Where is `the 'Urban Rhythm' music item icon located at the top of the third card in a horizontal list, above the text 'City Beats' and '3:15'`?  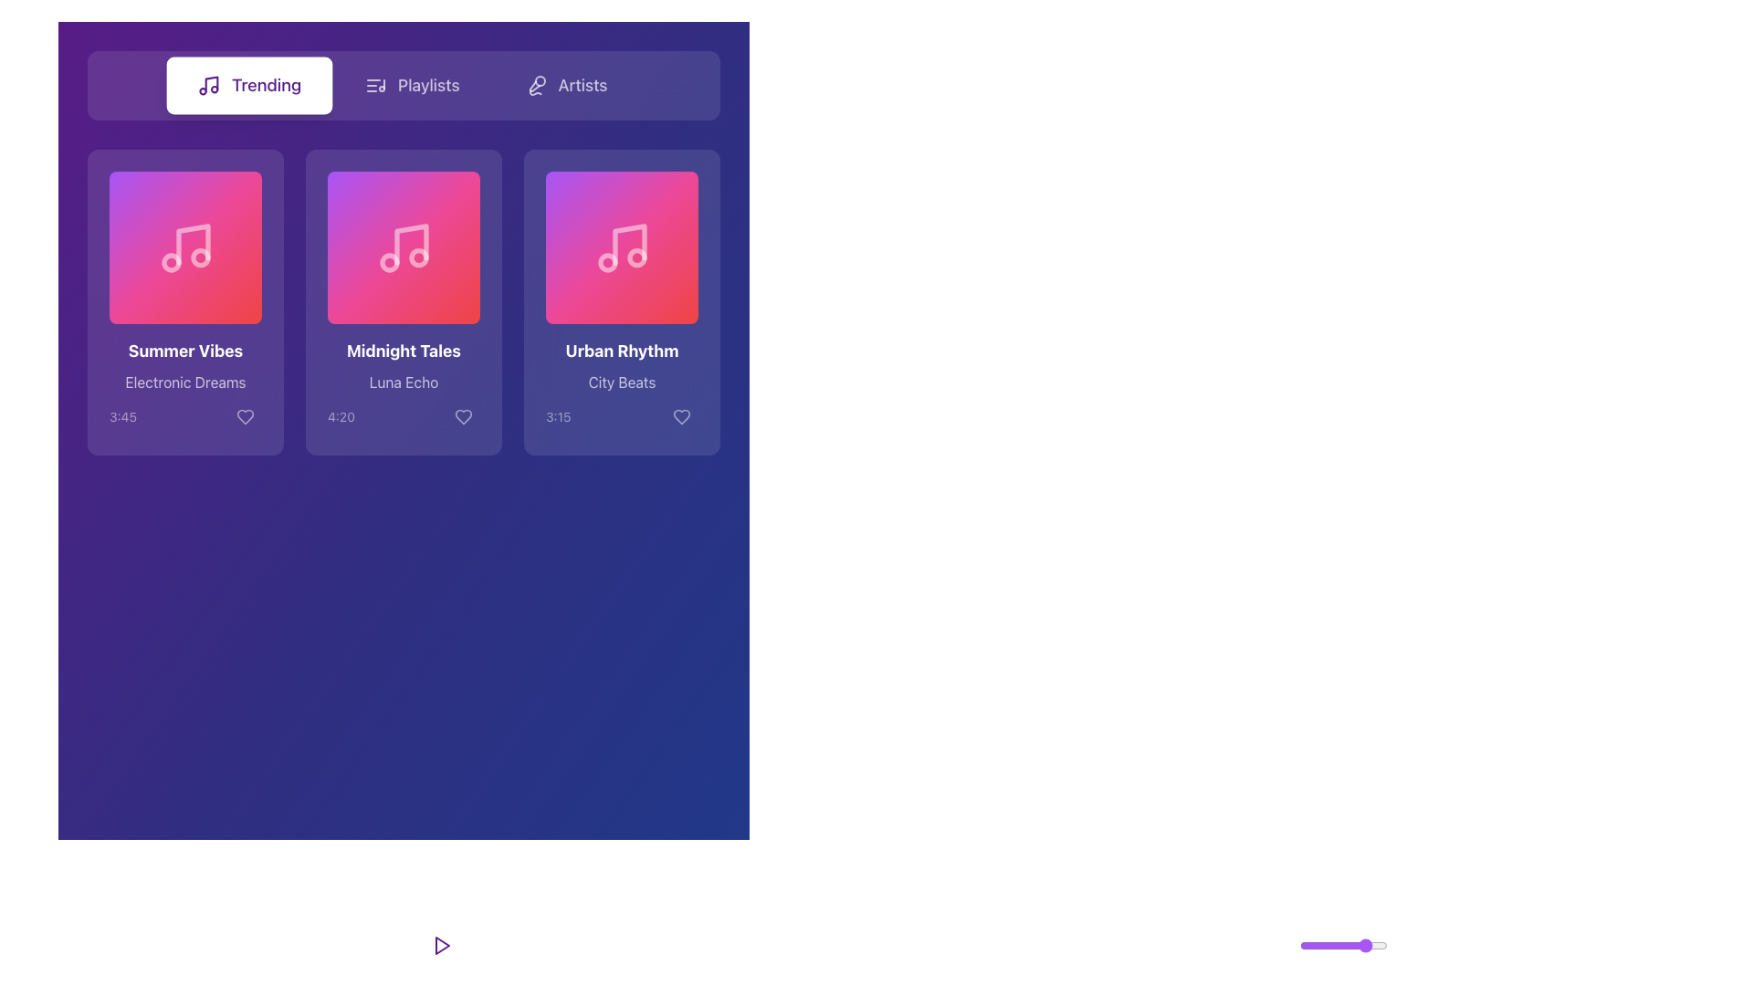
the 'Urban Rhythm' music item icon located at the top of the third card in a horizontal list, above the text 'City Beats' and '3:15' is located at coordinates (622, 247).